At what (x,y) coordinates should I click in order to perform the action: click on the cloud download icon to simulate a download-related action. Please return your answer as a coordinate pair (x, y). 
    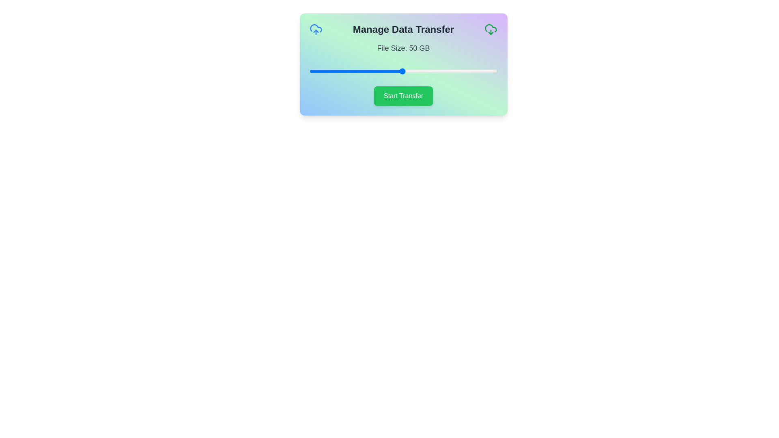
    Looking at the image, I should click on (491, 29).